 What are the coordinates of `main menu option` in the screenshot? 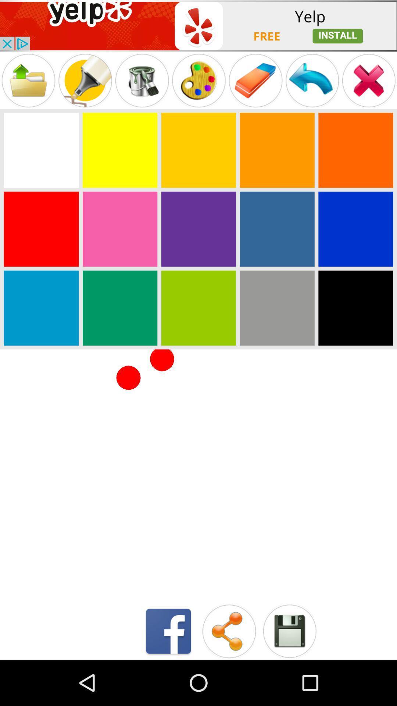 It's located at (312, 81).